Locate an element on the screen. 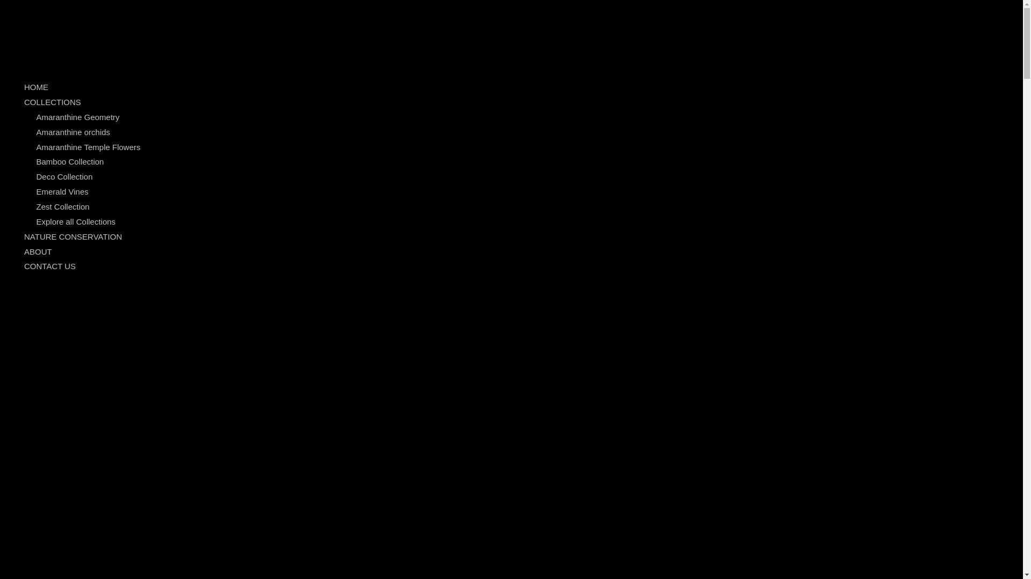 The height and width of the screenshot is (579, 1031). 'HOME' is located at coordinates (36, 86).